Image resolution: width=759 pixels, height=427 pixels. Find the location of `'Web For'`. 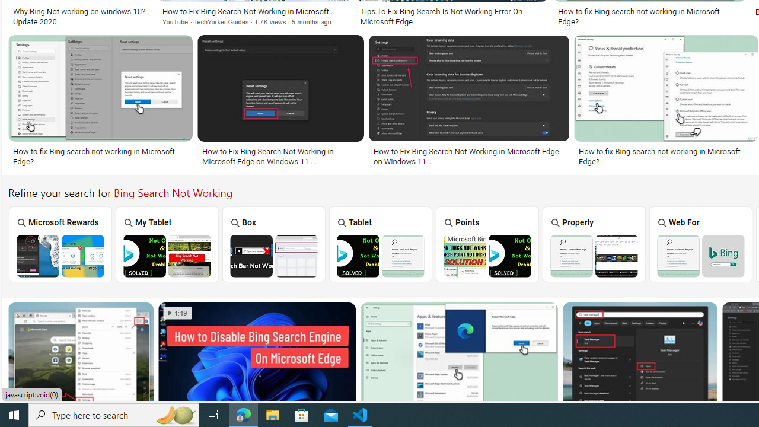

'Web For' is located at coordinates (701, 243).